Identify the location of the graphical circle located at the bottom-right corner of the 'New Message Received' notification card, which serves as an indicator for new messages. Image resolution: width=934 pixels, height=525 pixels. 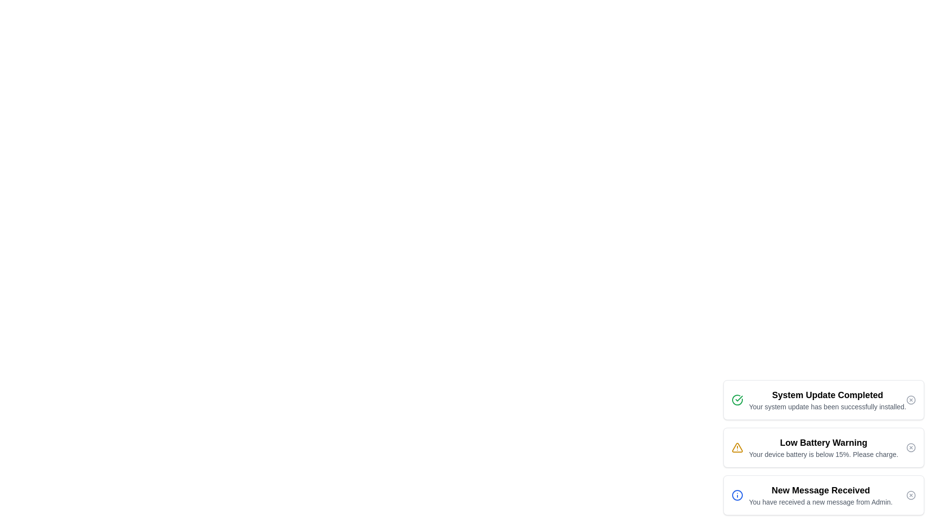
(910, 495).